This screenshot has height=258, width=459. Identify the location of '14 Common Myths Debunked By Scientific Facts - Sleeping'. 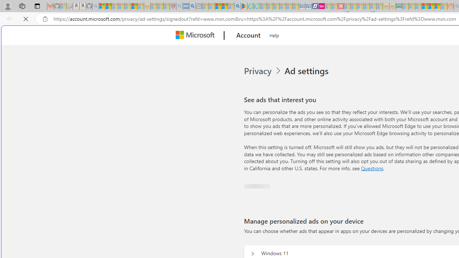
(354, 6).